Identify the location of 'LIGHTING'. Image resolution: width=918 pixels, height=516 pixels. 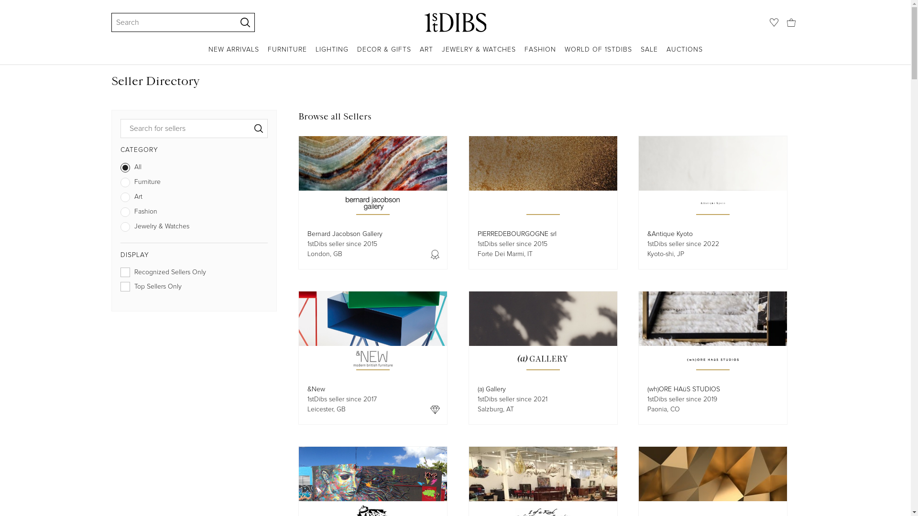
(332, 54).